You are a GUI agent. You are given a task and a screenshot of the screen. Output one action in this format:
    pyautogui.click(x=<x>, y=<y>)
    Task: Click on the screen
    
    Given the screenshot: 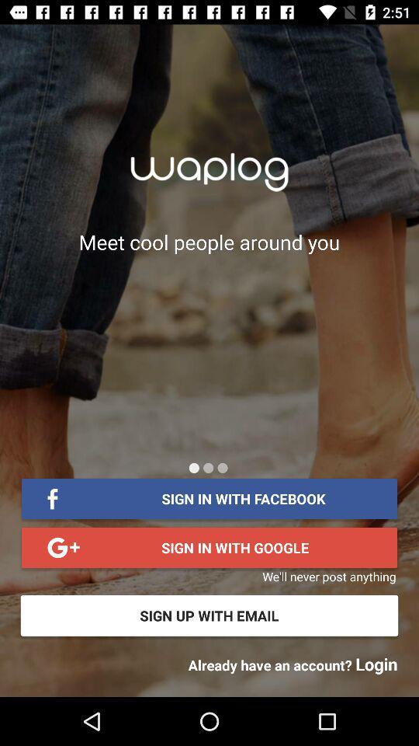 What is the action you would take?
    pyautogui.click(x=222, y=467)
    